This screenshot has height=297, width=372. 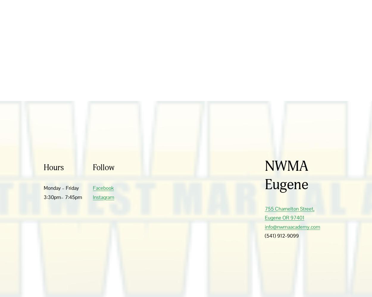 What do you see at coordinates (103, 197) in the screenshot?
I see `'Instagram'` at bounding box center [103, 197].